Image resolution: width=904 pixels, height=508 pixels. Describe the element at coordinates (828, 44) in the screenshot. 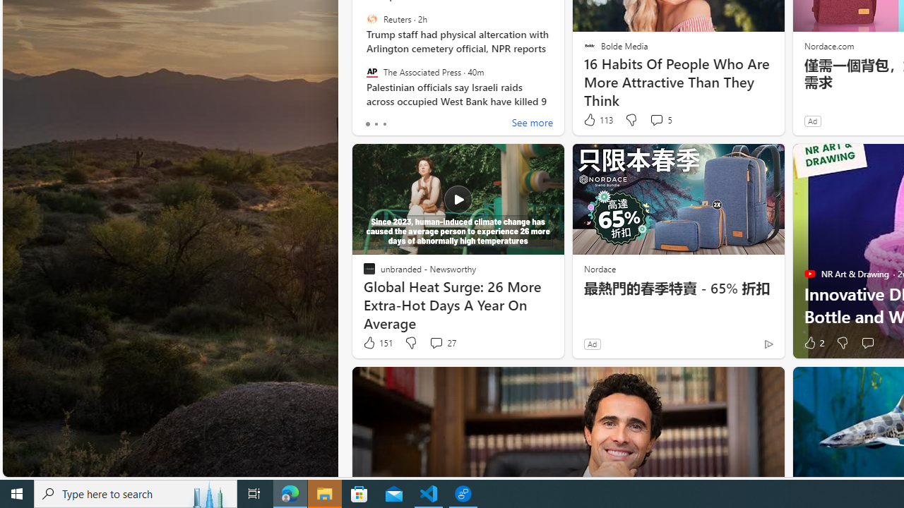

I see `'Nordace.com'` at that location.